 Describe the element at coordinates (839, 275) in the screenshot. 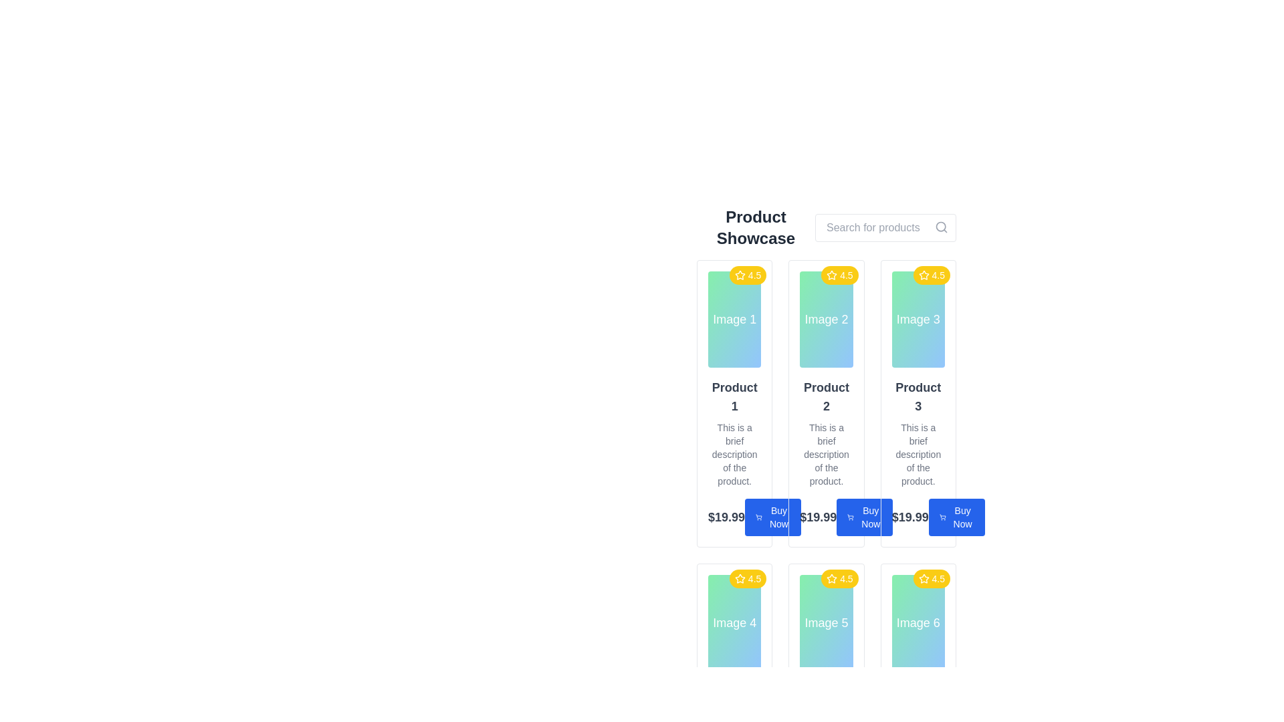

I see `the Rating indicator badge located in the top-right corner of the card for 'Product 2' in the second column of the product listing grid, positioned above the product image and title` at that location.